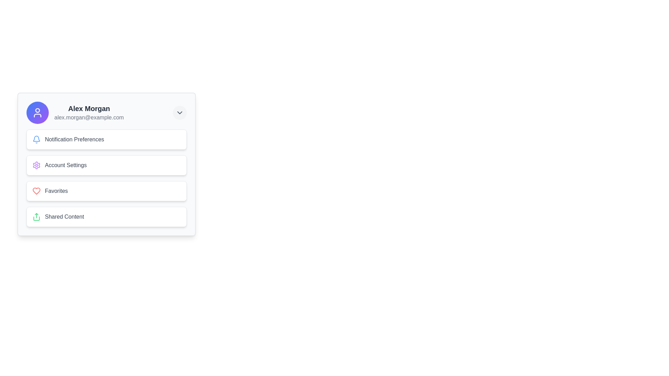  What do you see at coordinates (106, 164) in the screenshot?
I see `the account settings button, which is the second item in a vertically stacked list of options` at bounding box center [106, 164].